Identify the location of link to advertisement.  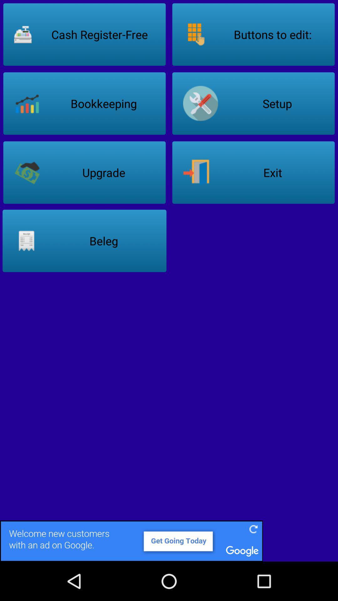
(169, 541).